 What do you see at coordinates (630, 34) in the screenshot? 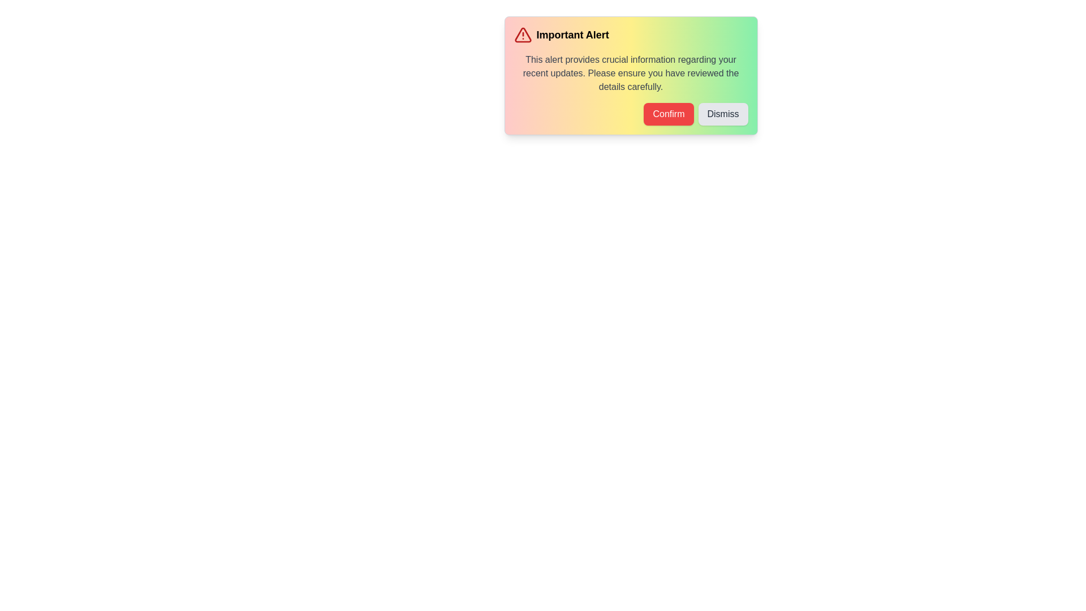
I see `the 'Important Alert' header, which features a red warning icon and bold black text` at bounding box center [630, 34].